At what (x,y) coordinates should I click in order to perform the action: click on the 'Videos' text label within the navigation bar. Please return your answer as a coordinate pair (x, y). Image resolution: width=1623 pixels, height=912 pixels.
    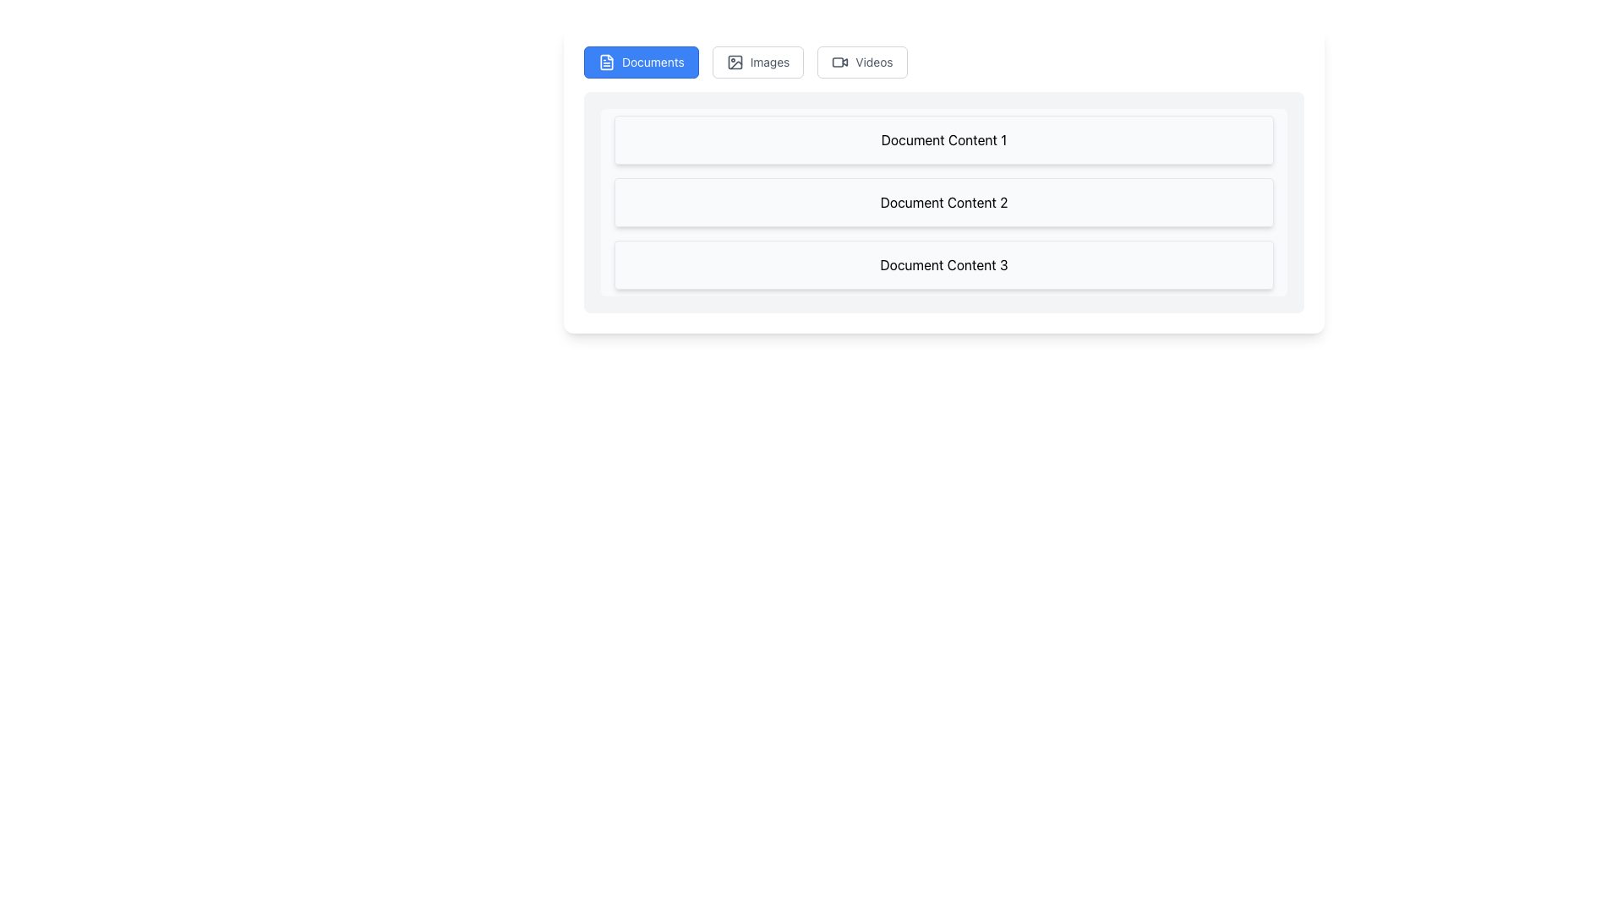
    Looking at the image, I should click on (873, 61).